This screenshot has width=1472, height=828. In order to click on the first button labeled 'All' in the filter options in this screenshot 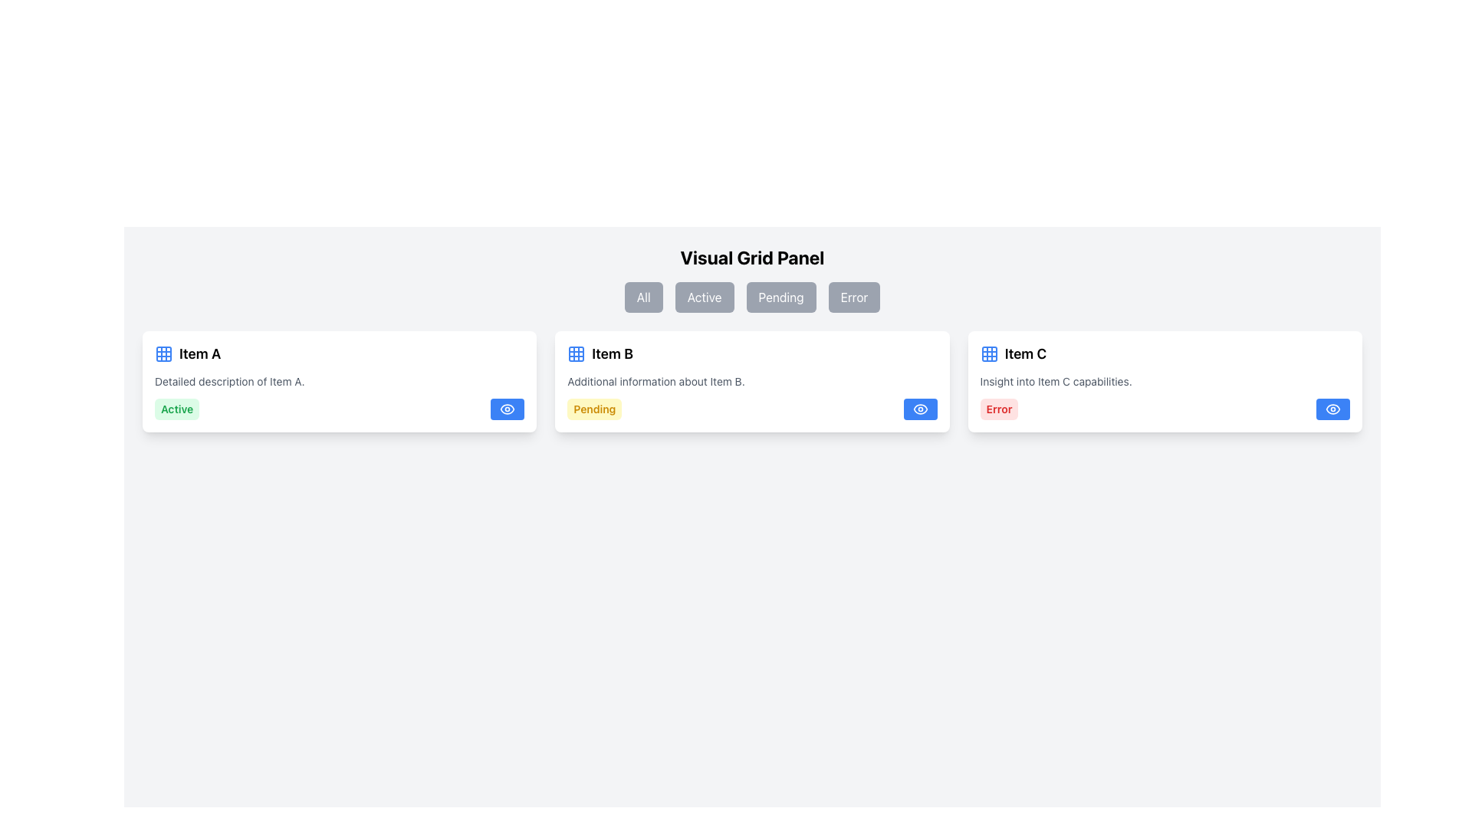, I will do `click(643, 297)`.